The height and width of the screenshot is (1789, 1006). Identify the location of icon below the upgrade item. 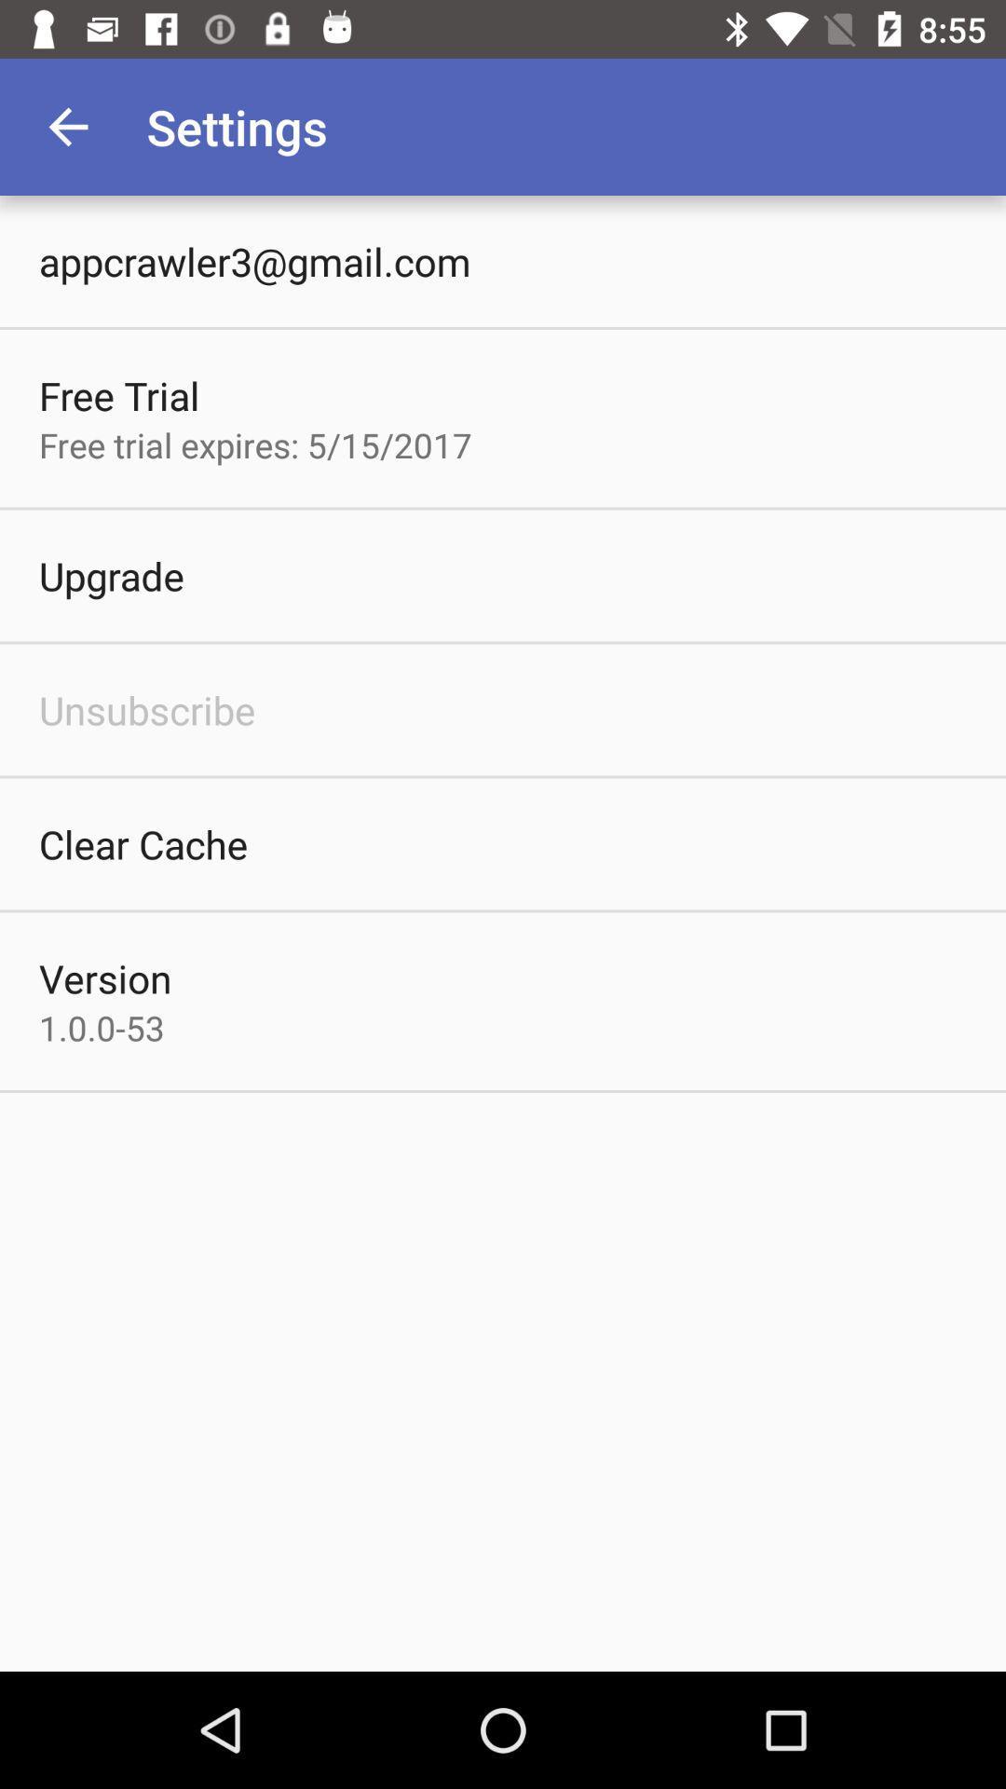
(146, 709).